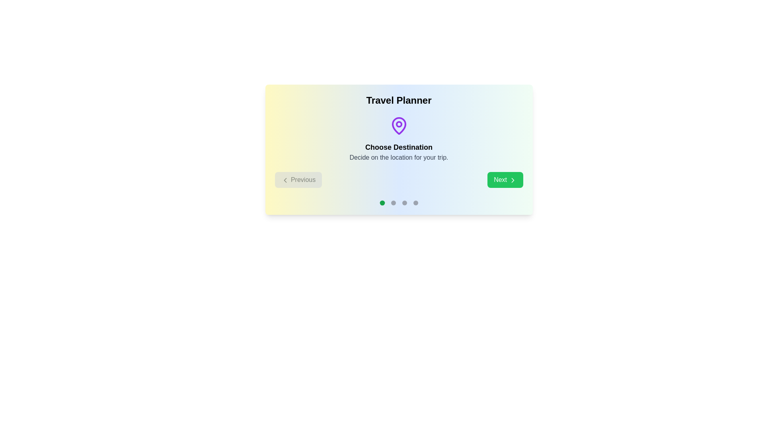 The height and width of the screenshot is (429, 764). I want to click on the outer part of the map pin icon, which is styled in purple and located beneath the 'Travel Planner' text heading, so click(399, 125).